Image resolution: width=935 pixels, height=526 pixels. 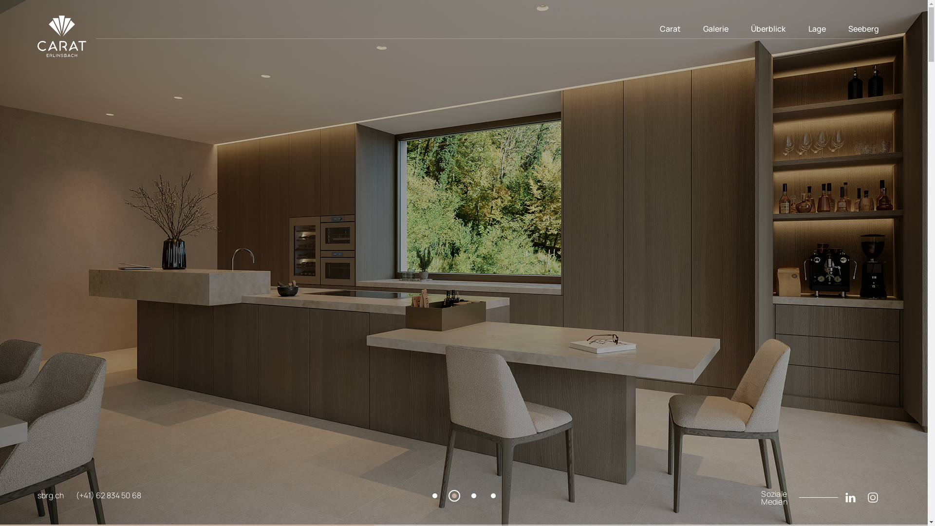 What do you see at coordinates (474, 496) in the screenshot?
I see `'3'` at bounding box center [474, 496].